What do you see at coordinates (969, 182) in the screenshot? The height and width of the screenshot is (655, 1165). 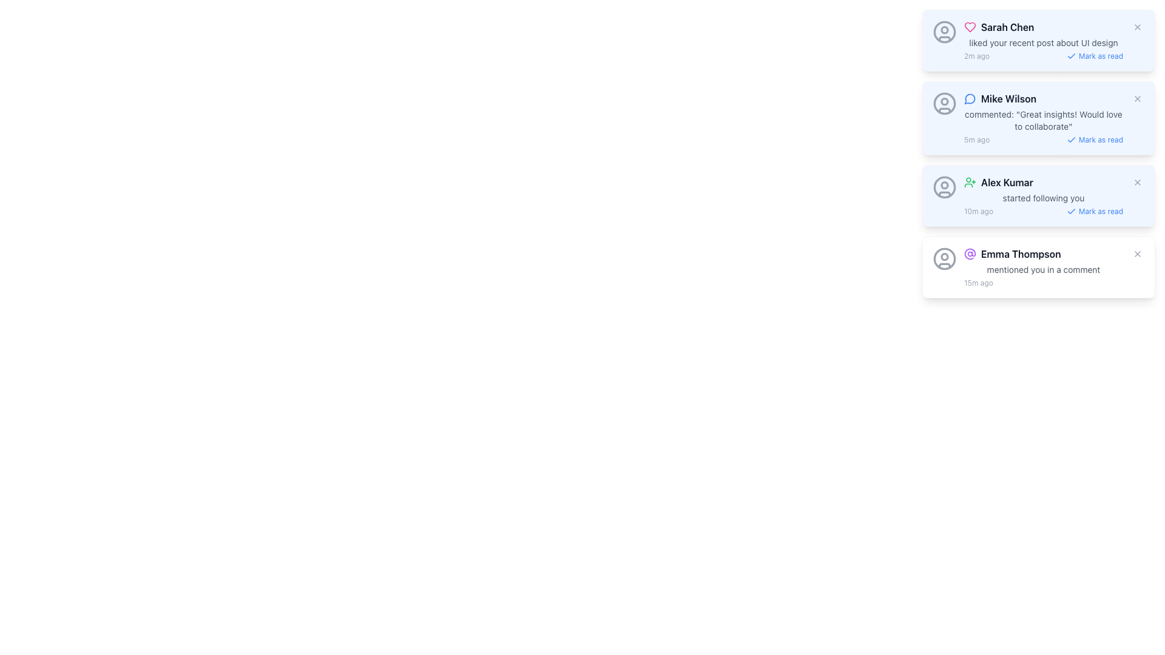 I see `the icon` at bounding box center [969, 182].